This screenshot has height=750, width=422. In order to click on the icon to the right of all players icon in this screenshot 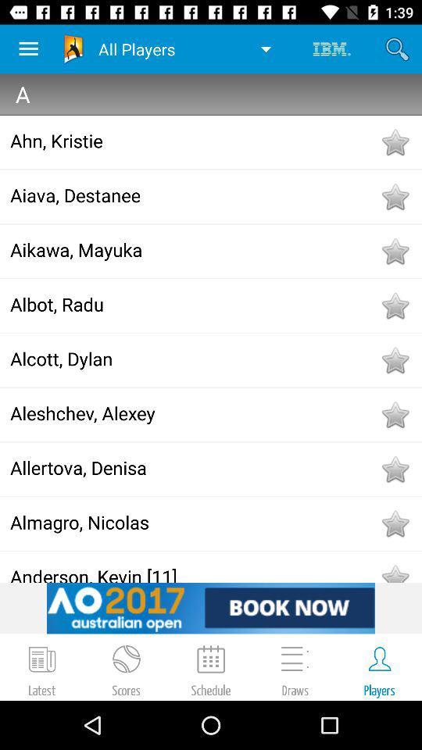, I will do `click(331, 48)`.